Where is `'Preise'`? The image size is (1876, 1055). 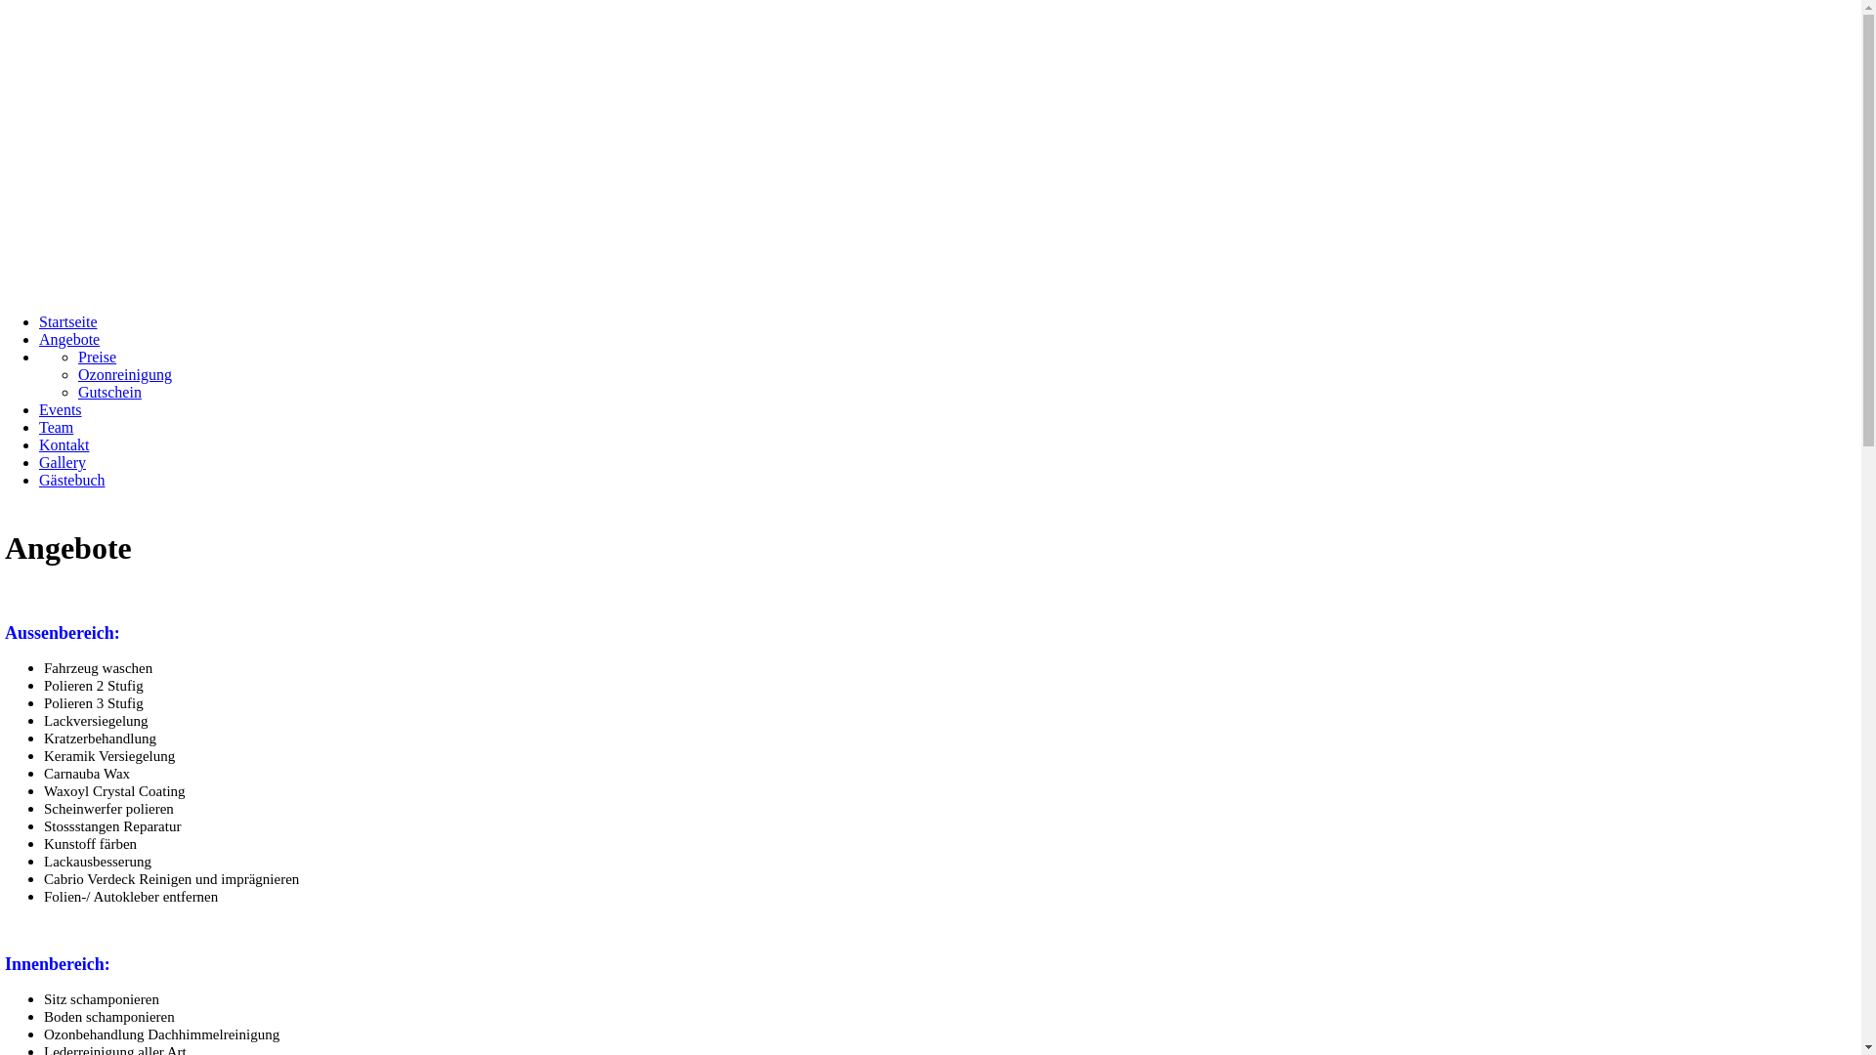 'Preise' is located at coordinates (96, 357).